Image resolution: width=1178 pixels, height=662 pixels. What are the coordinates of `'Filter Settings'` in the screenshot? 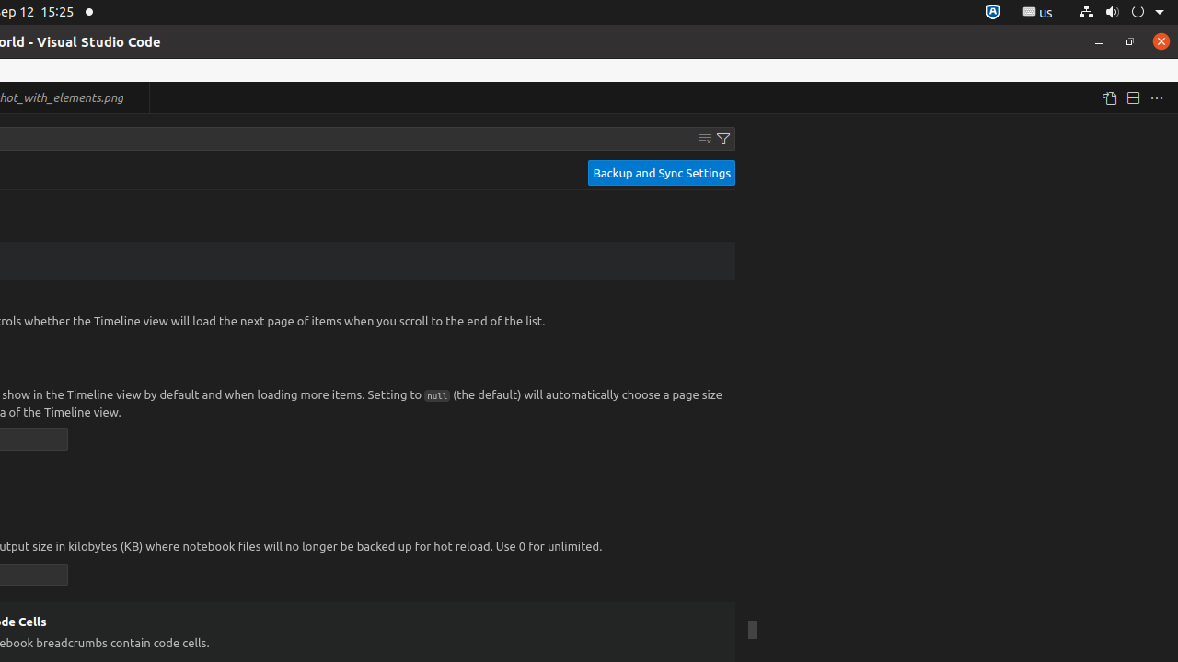 It's located at (722, 137).